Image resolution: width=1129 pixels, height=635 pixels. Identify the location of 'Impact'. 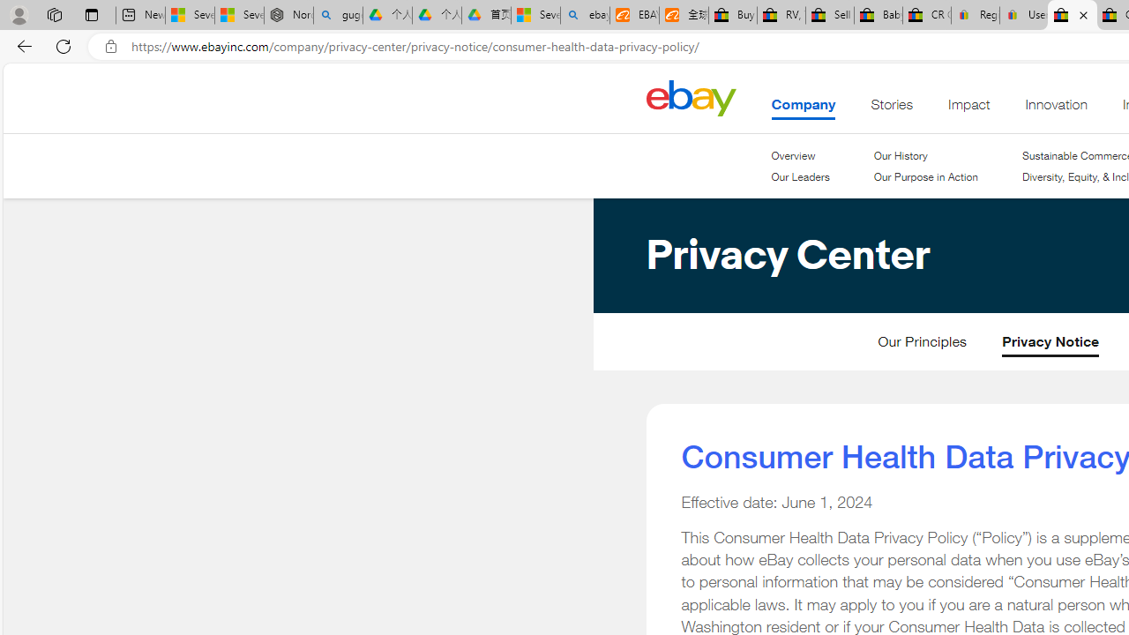
(968, 108).